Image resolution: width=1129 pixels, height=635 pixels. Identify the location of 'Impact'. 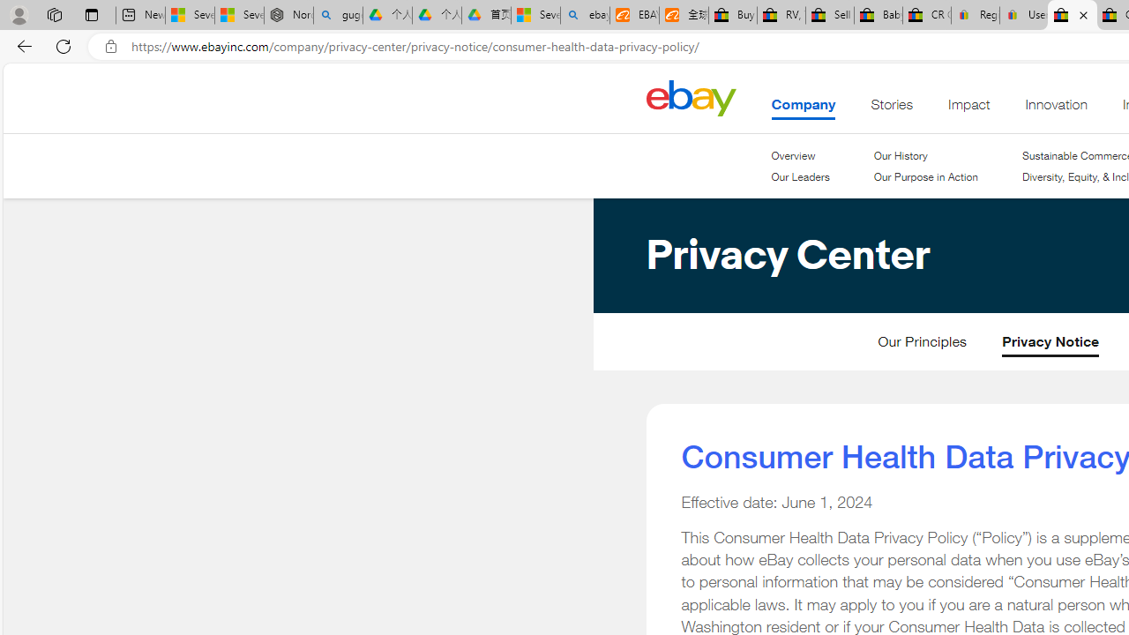
(968, 108).